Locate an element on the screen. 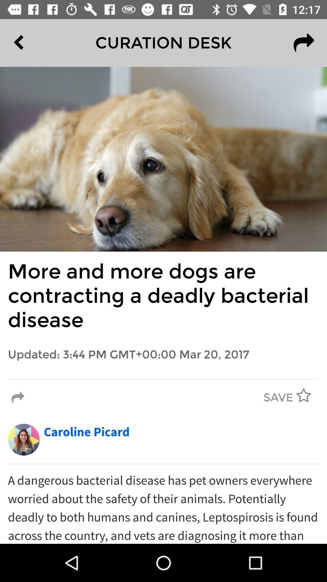 The height and width of the screenshot is (582, 327). the icon to the left of the save icon is located at coordinates (18, 398).